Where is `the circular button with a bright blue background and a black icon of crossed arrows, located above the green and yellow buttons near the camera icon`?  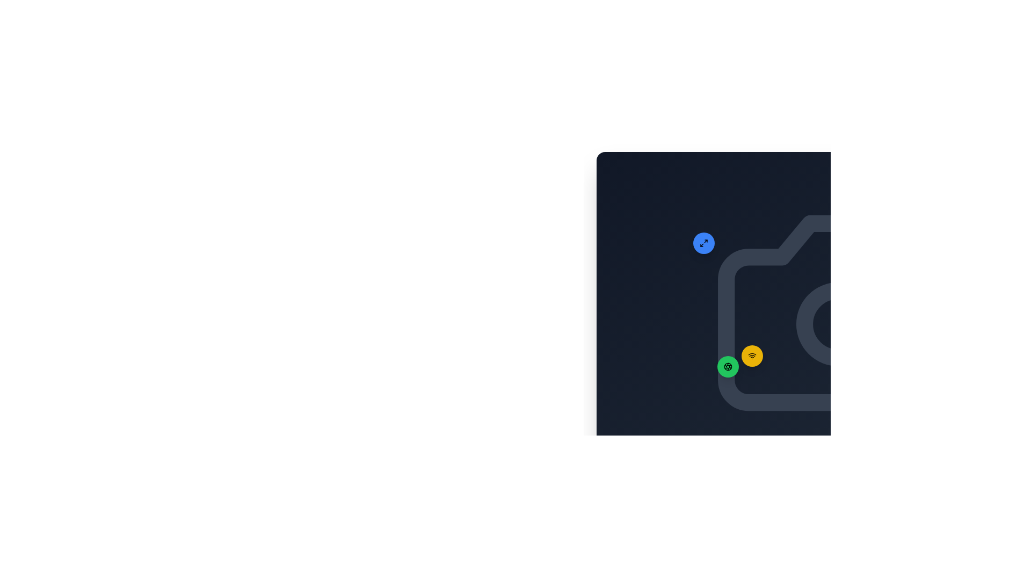 the circular button with a bright blue background and a black icon of crossed arrows, located above the green and yellow buttons near the camera icon is located at coordinates (703, 243).